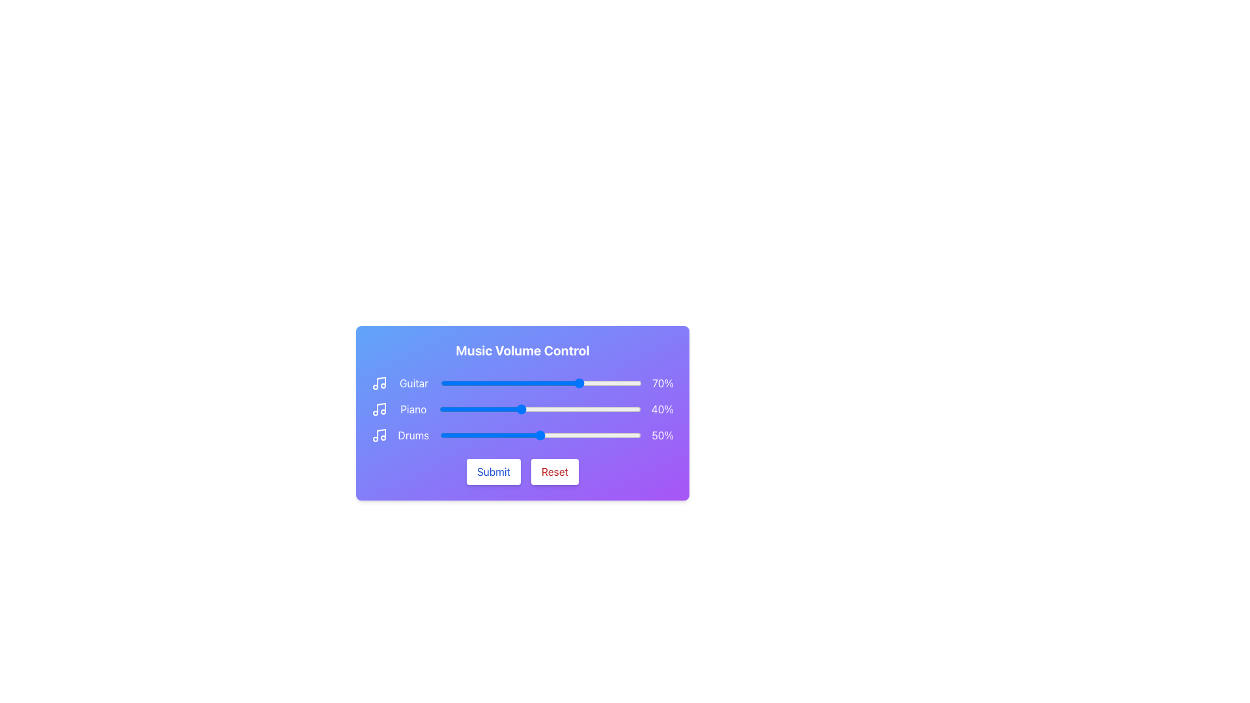  I want to click on the slider control labeled 'Piano' which is accompanied by a music icon and displays a percentage value of '40%', so click(522, 408).